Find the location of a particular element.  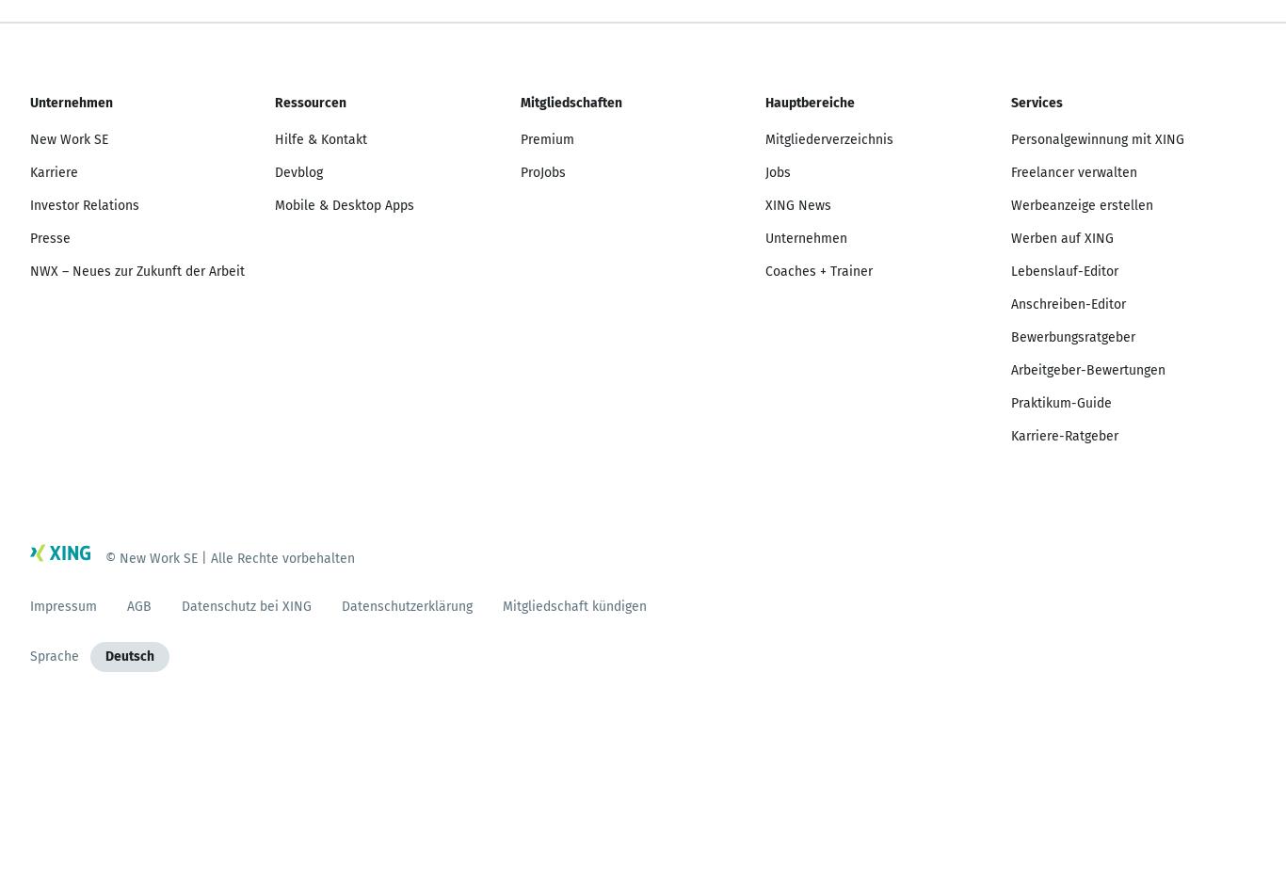

'Hilfe & Kontakt' is located at coordinates (320, 138).